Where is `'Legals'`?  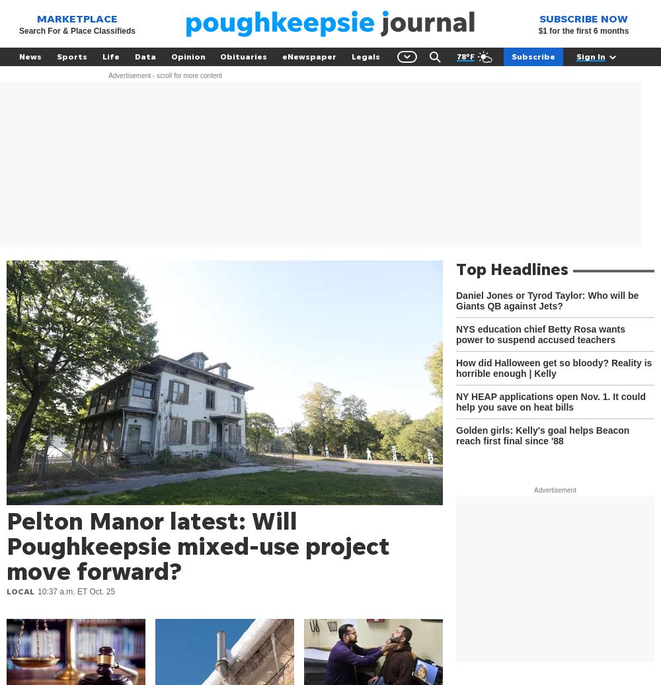
'Legals' is located at coordinates (352, 56).